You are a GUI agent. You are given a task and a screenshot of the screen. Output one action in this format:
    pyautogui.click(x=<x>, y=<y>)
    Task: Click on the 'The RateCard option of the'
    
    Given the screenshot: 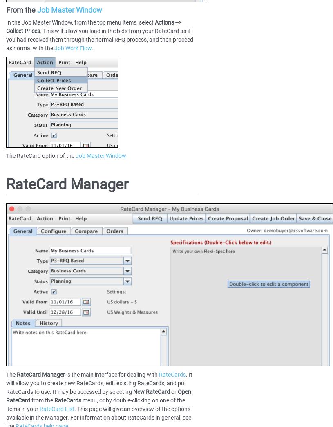 What is the action you would take?
    pyautogui.click(x=40, y=155)
    